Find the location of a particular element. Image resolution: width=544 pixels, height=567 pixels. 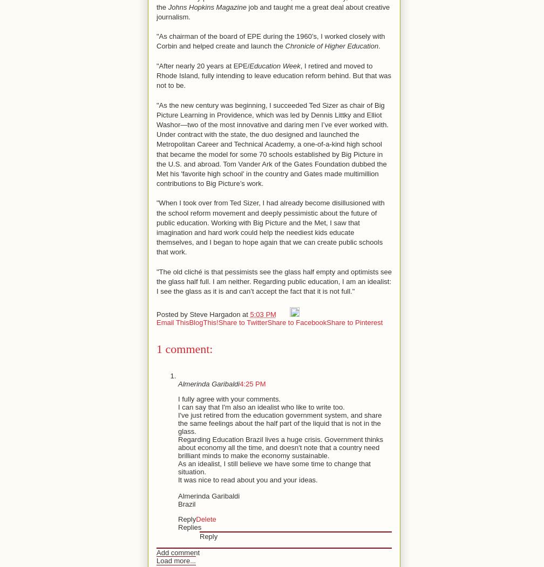

'"As chairman of the board of EPE during the 1960’s, I worked closely with Corbin and helped create and launch the' is located at coordinates (157, 40).